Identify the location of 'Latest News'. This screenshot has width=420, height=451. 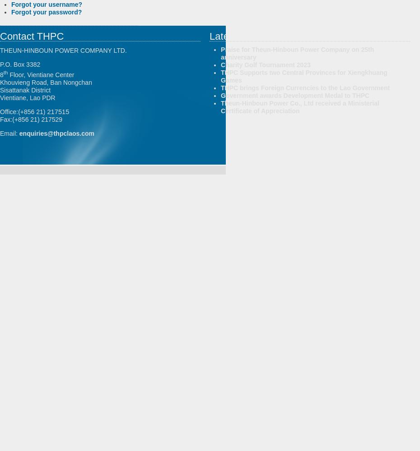
(236, 36).